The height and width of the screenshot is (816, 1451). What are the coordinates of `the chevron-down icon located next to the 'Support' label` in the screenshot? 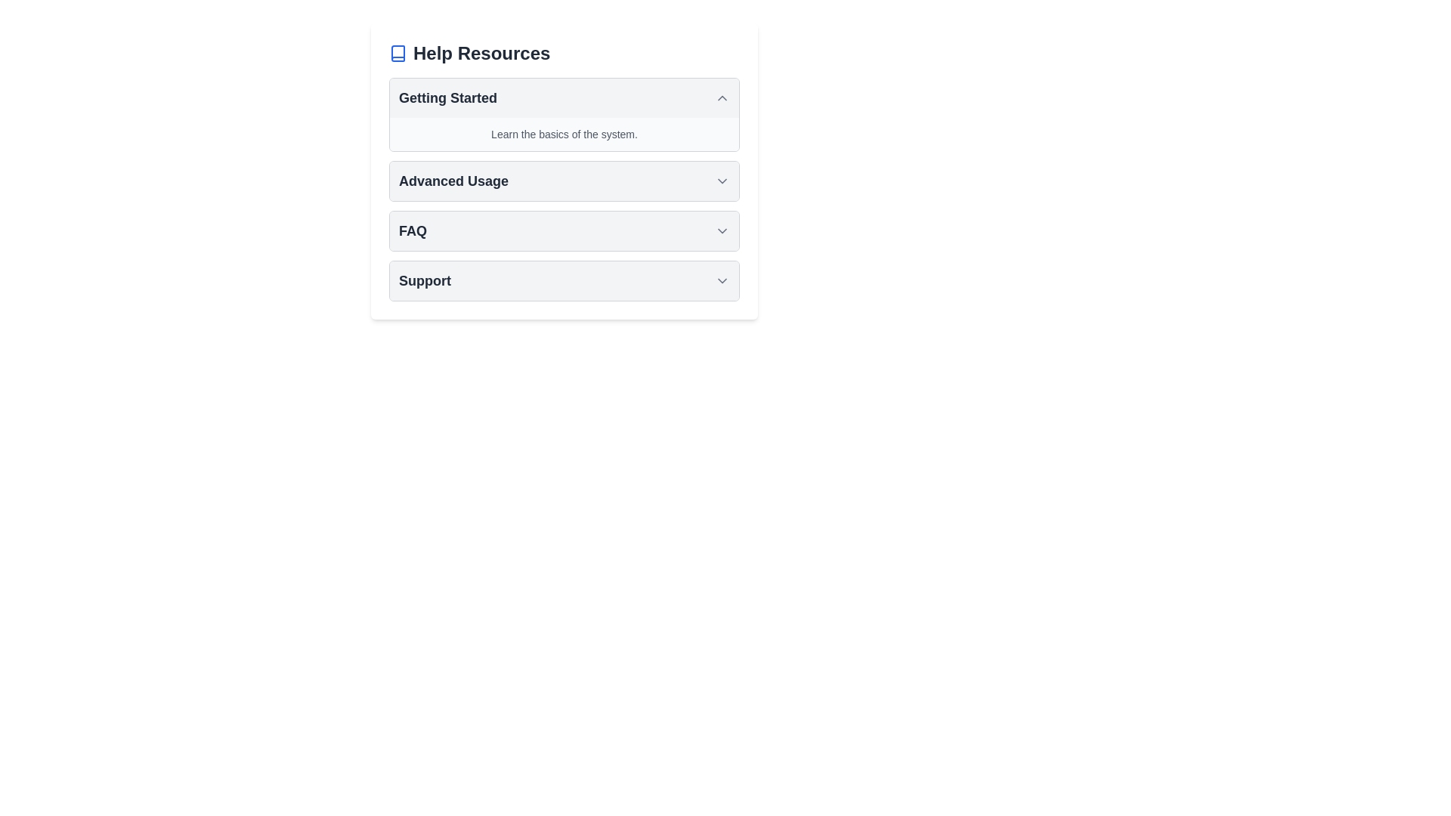 It's located at (721, 280).